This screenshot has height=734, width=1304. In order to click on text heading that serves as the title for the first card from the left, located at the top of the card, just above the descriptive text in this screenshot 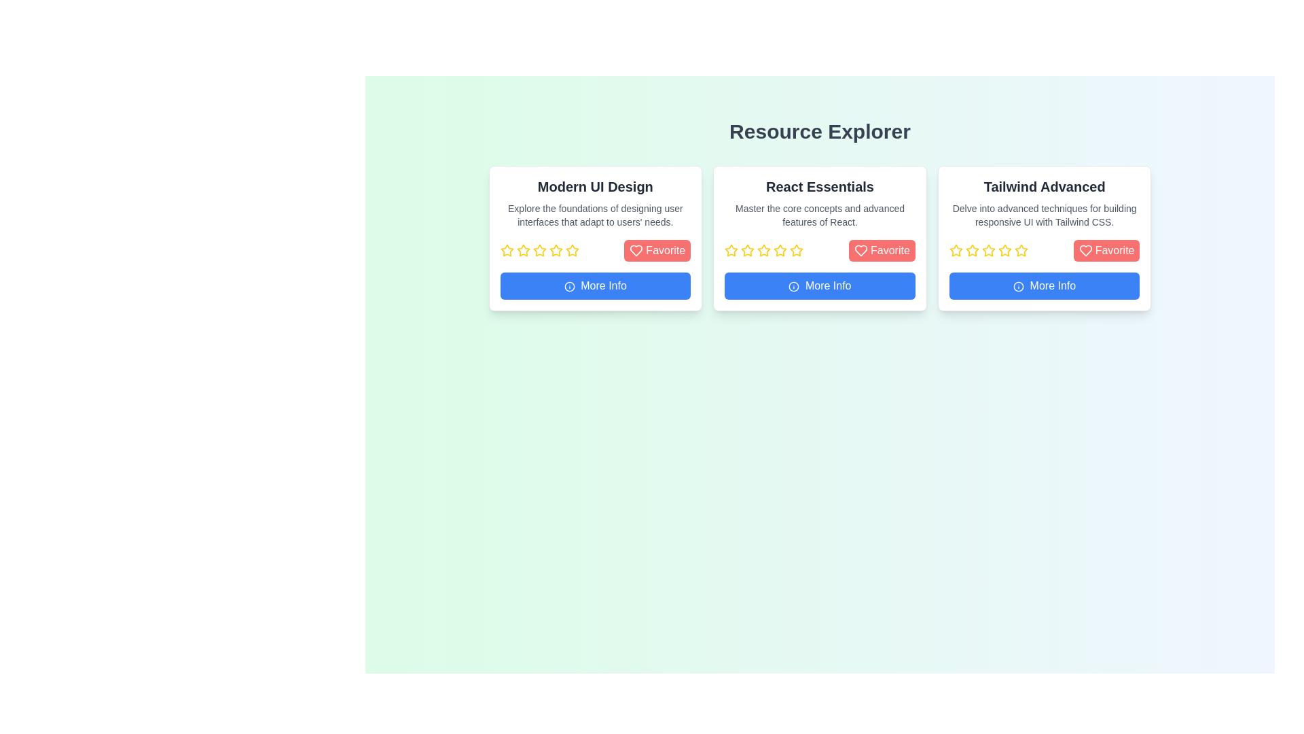, I will do `click(595, 186)`.